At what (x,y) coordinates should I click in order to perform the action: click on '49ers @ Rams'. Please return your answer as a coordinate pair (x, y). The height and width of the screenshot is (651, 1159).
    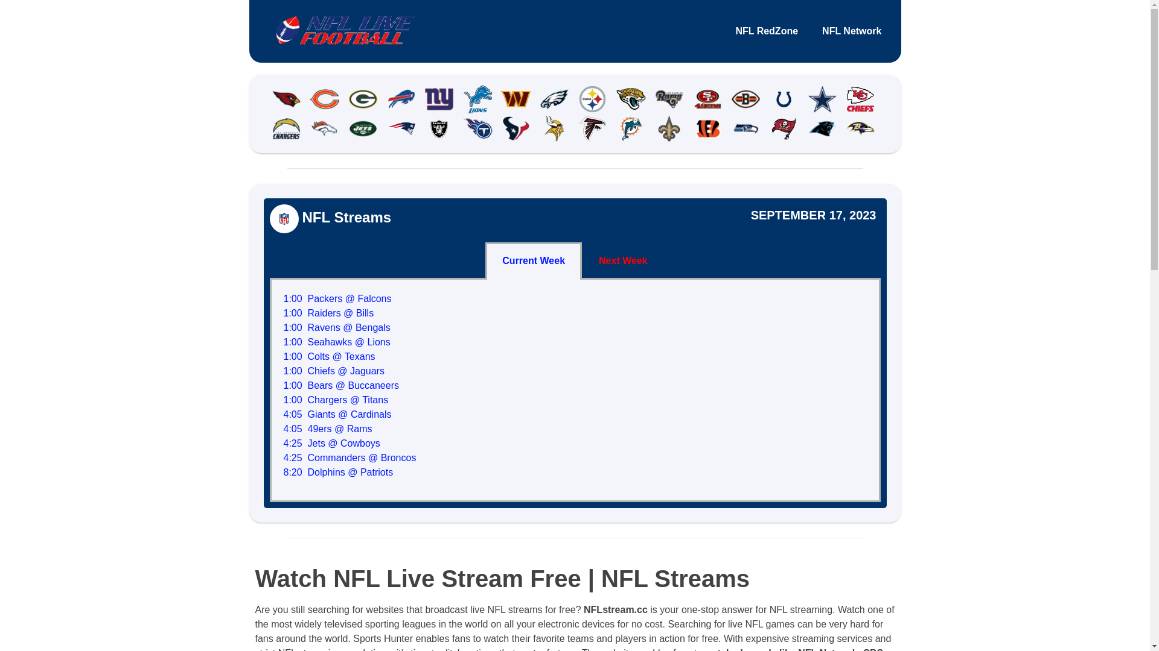
    Looking at the image, I should click on (339, 428).